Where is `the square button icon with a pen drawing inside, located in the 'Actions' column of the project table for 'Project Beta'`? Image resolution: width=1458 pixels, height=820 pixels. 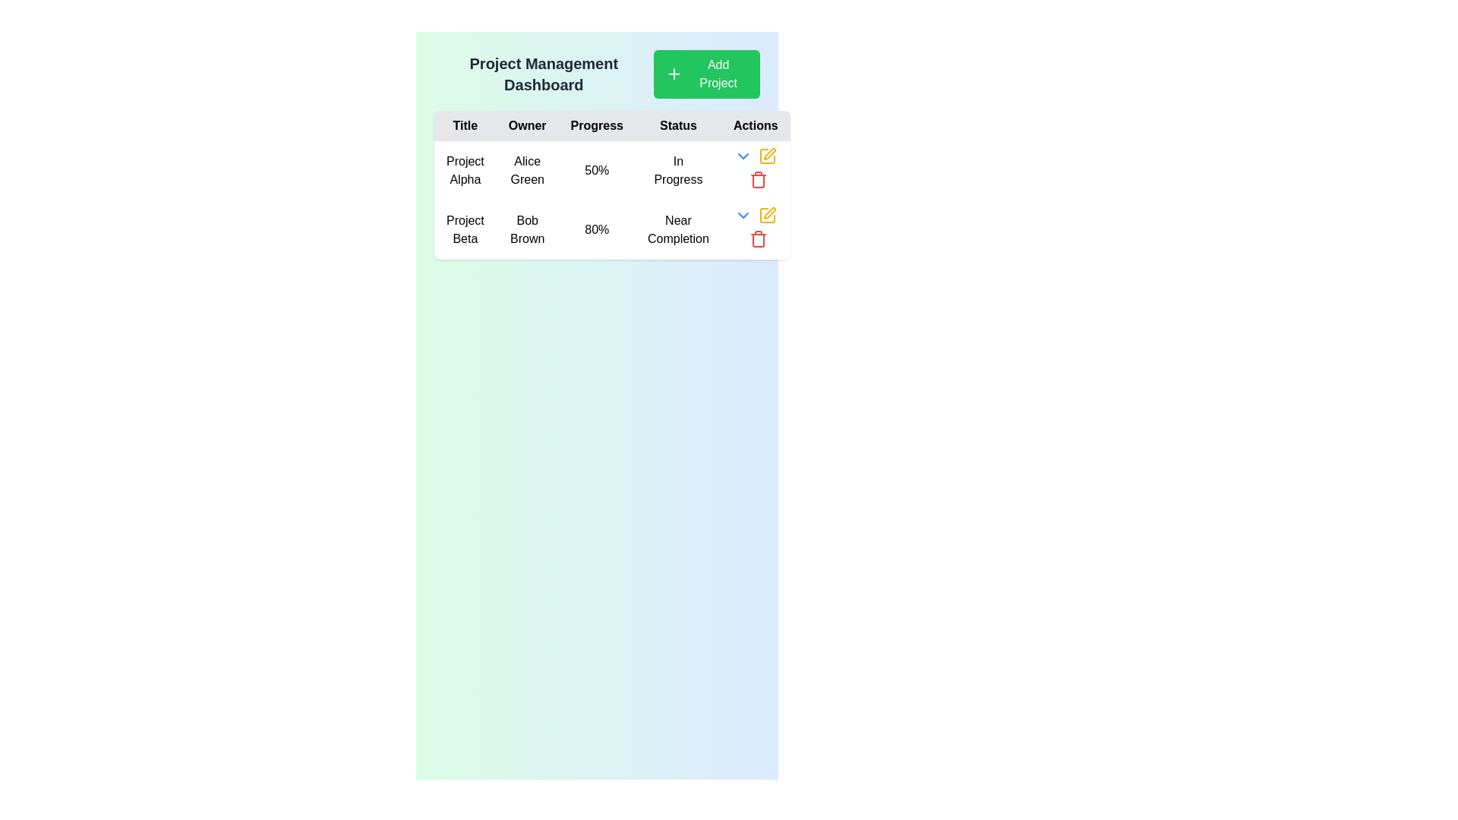 the square button icon with a pen drawing inside, located in the 'Actions' column of the project table for 'Project Beta' is located at coordinates (768, 156).